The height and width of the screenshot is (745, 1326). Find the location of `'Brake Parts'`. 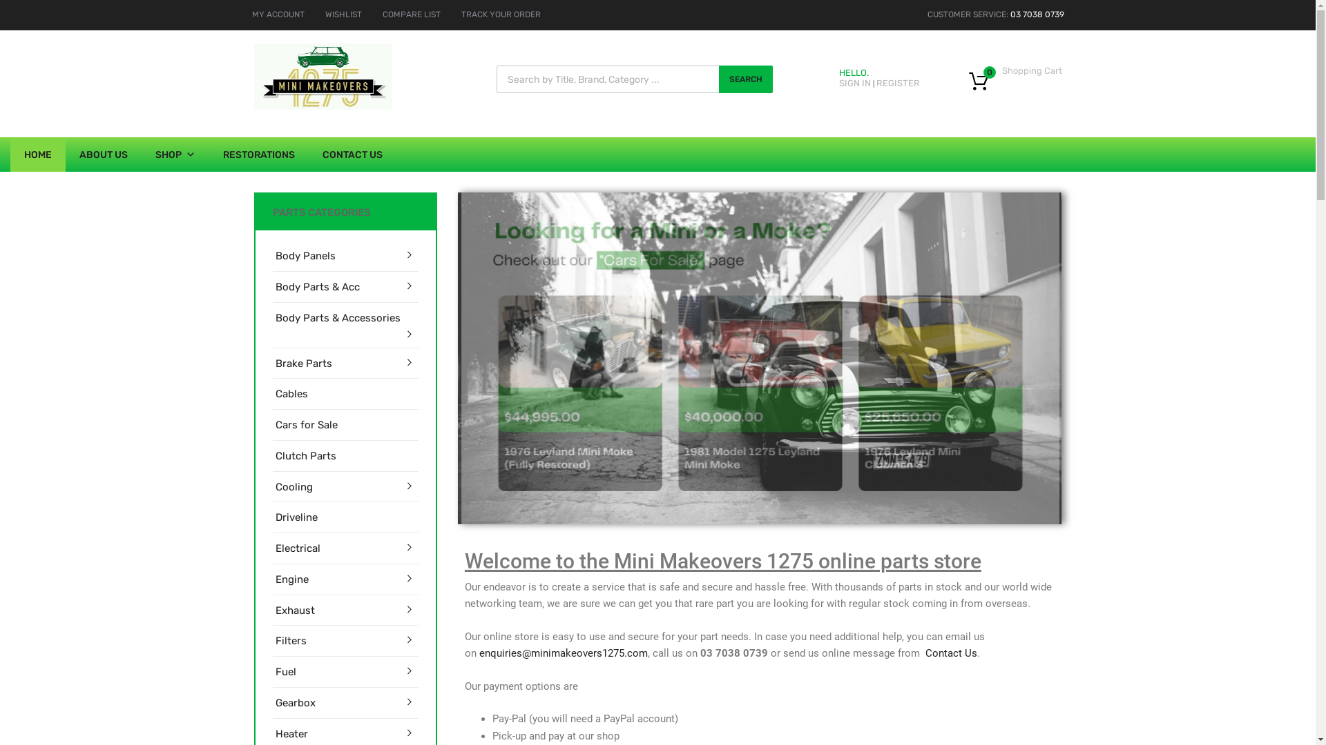

'Brake Parts' is located at coordinates (302, 363).